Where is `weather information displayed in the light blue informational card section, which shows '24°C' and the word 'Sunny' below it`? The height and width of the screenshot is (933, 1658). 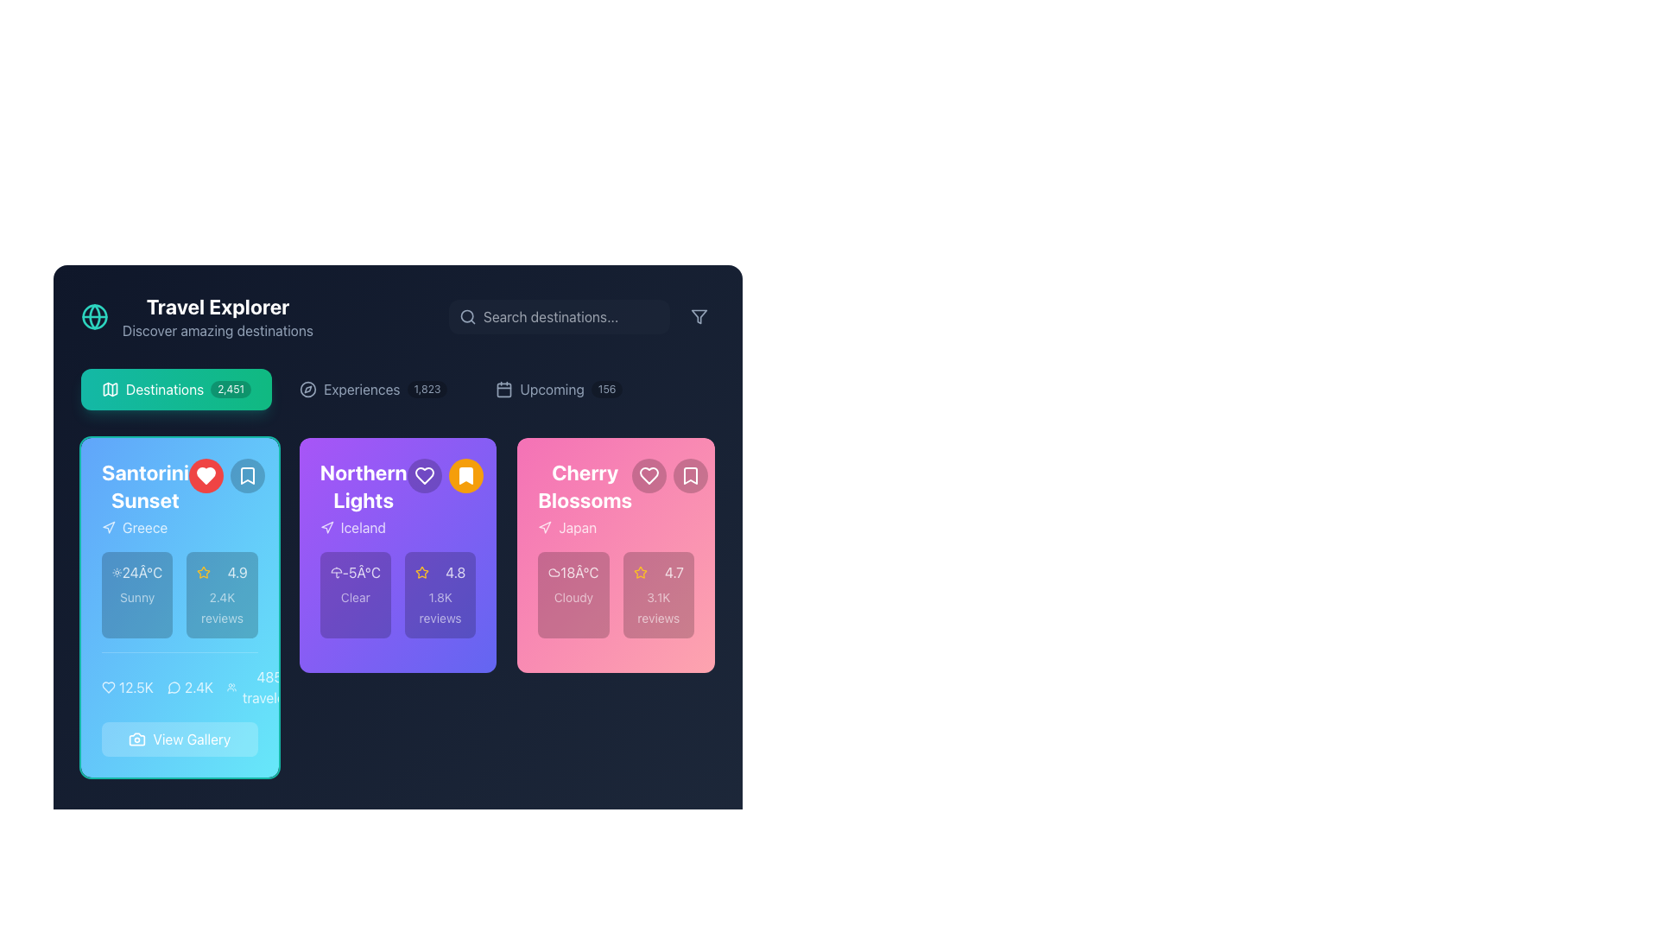
weather information displayed in the light blue informational card section, which shows '24°C' and the word 'Sunny' below it is located at coordinates (136, 594).